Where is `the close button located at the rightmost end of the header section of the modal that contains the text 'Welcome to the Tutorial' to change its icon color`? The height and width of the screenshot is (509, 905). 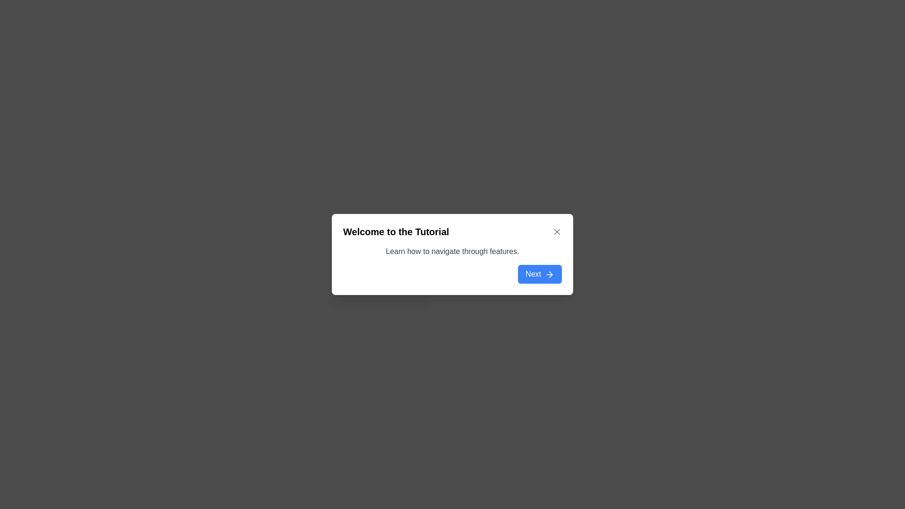 the close button located at the rightmost end of the header section of the modal that contains the text 'Welcome to the Tutorial' to change its icon color is located at coordinates (557, 232).